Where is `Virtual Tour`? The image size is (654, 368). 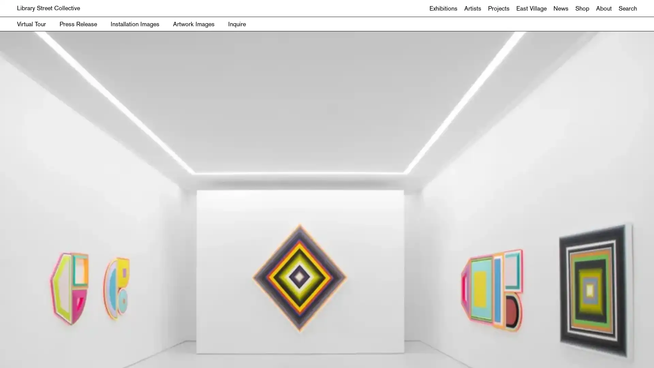
Virtual Tour is located at coordinates (31, 24).